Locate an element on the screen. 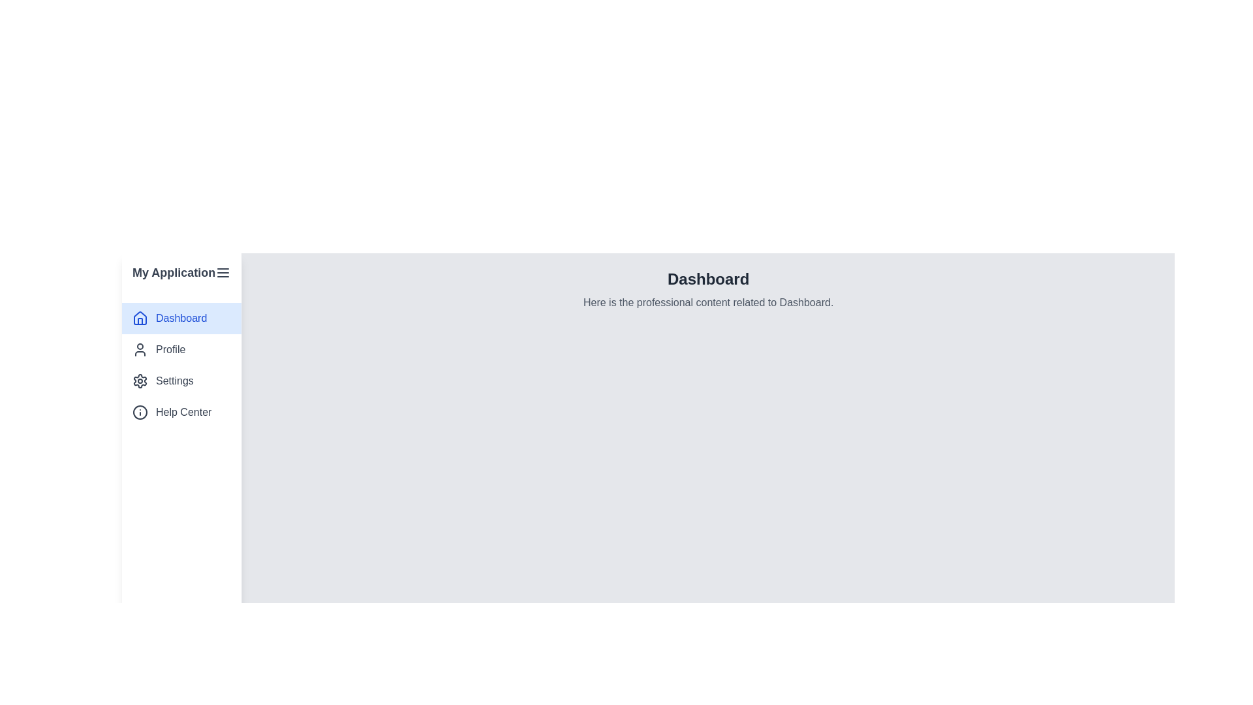  the house icon in the left sidebar navigation, which is styled with blue lines and is directly left of the 'Dashboard' text is located at coordinates (140, 319).